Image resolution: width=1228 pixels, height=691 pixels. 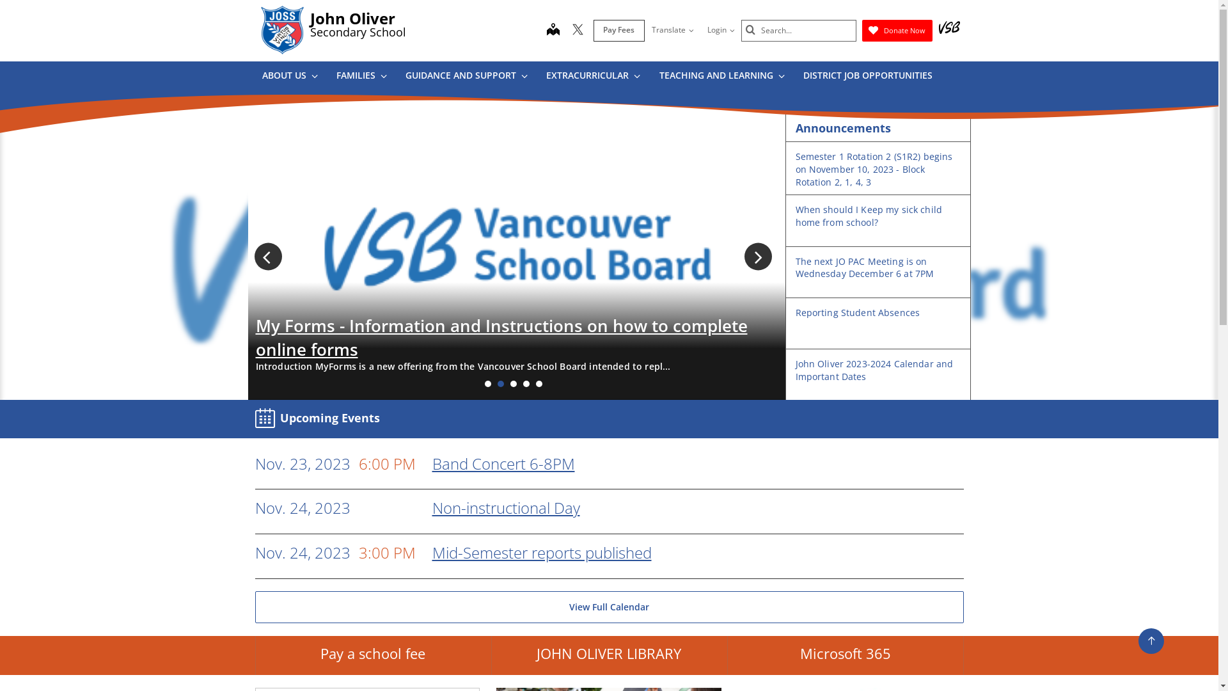 What do you see at coordinates (720, 29) in the screenshot?
I see `'Login'` at bounding box center [720, 29].